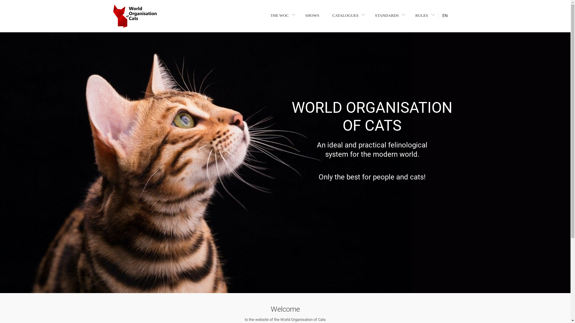 Image resolution: width=575 pixels, height=323 pixels. I want to click on 'STANDARDS', so click(372, 15).